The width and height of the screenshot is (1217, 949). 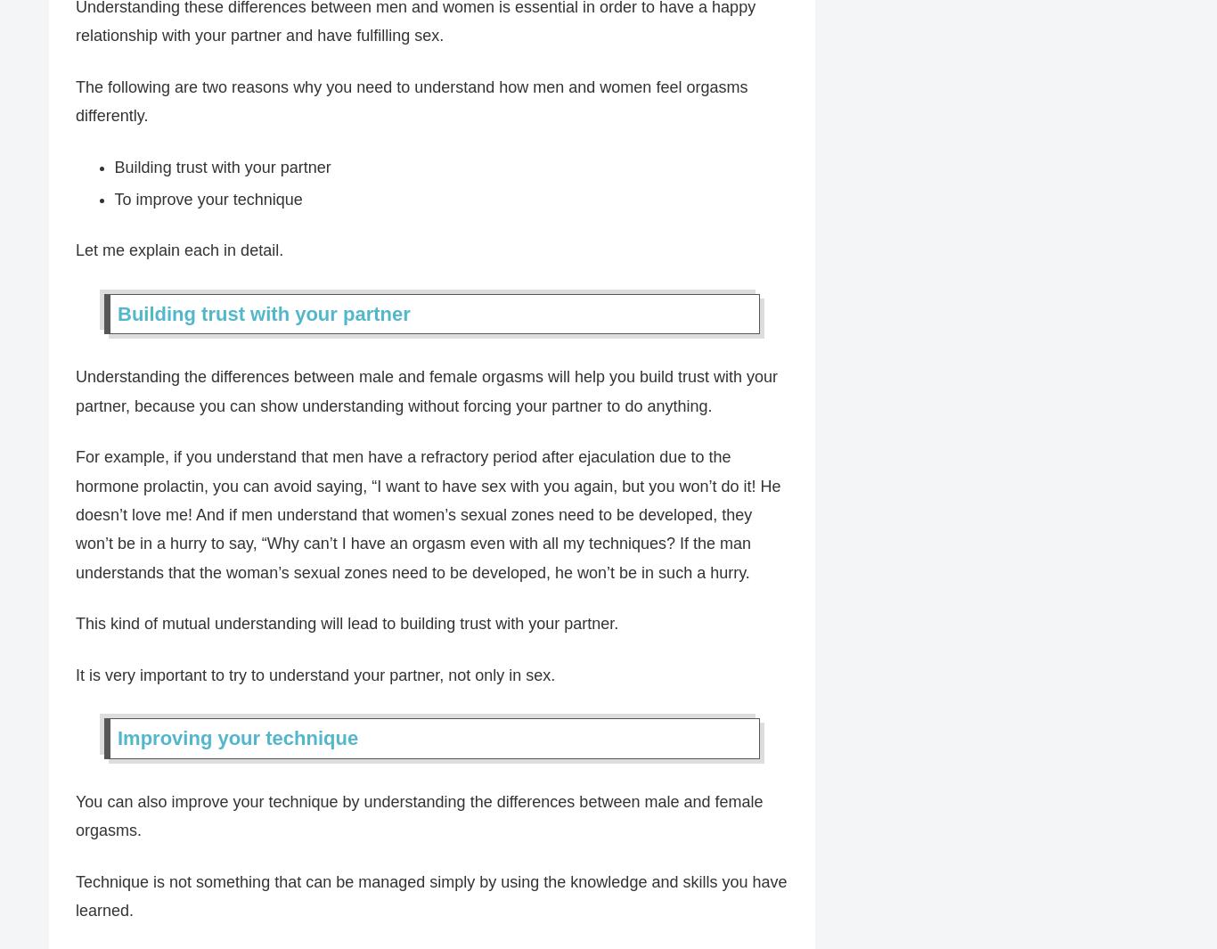 I want to click on 'For example, if you understand that men have a refractory period after ejaculation due to the hormone prolactin, you can avoid saying, “I want to have sex with you again, but you won’t do it! He doesn’t love me! And if men understand that women’s sexual zones need to be developed, they won’t be in a hurry to say, “Why can’t I have an orgasm even with all my techniques? If the man understands that the woman’s sexual zones need to be developed, he won’t be in such a hurry.', so click(x=428, y=515).